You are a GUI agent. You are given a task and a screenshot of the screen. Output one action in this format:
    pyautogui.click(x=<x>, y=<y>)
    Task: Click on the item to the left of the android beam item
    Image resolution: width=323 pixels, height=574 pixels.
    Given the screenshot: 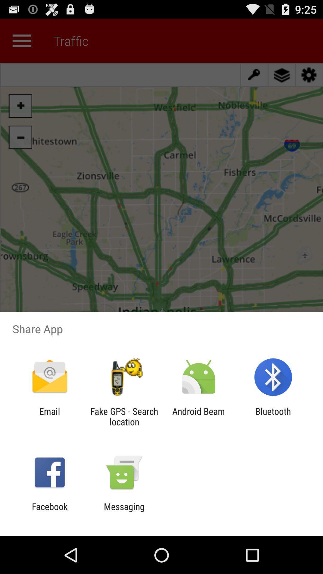 What is the action you would take?
    pyautogui.click(x=124, y=416)
    